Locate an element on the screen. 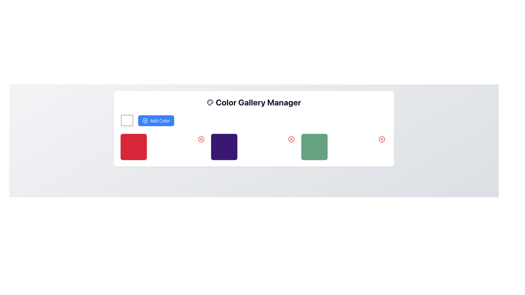 Image resolution: width=525 pixels, height=295 pixels. the Color Picker component located in the top-left of the content section is located at coordinates (127, 120).